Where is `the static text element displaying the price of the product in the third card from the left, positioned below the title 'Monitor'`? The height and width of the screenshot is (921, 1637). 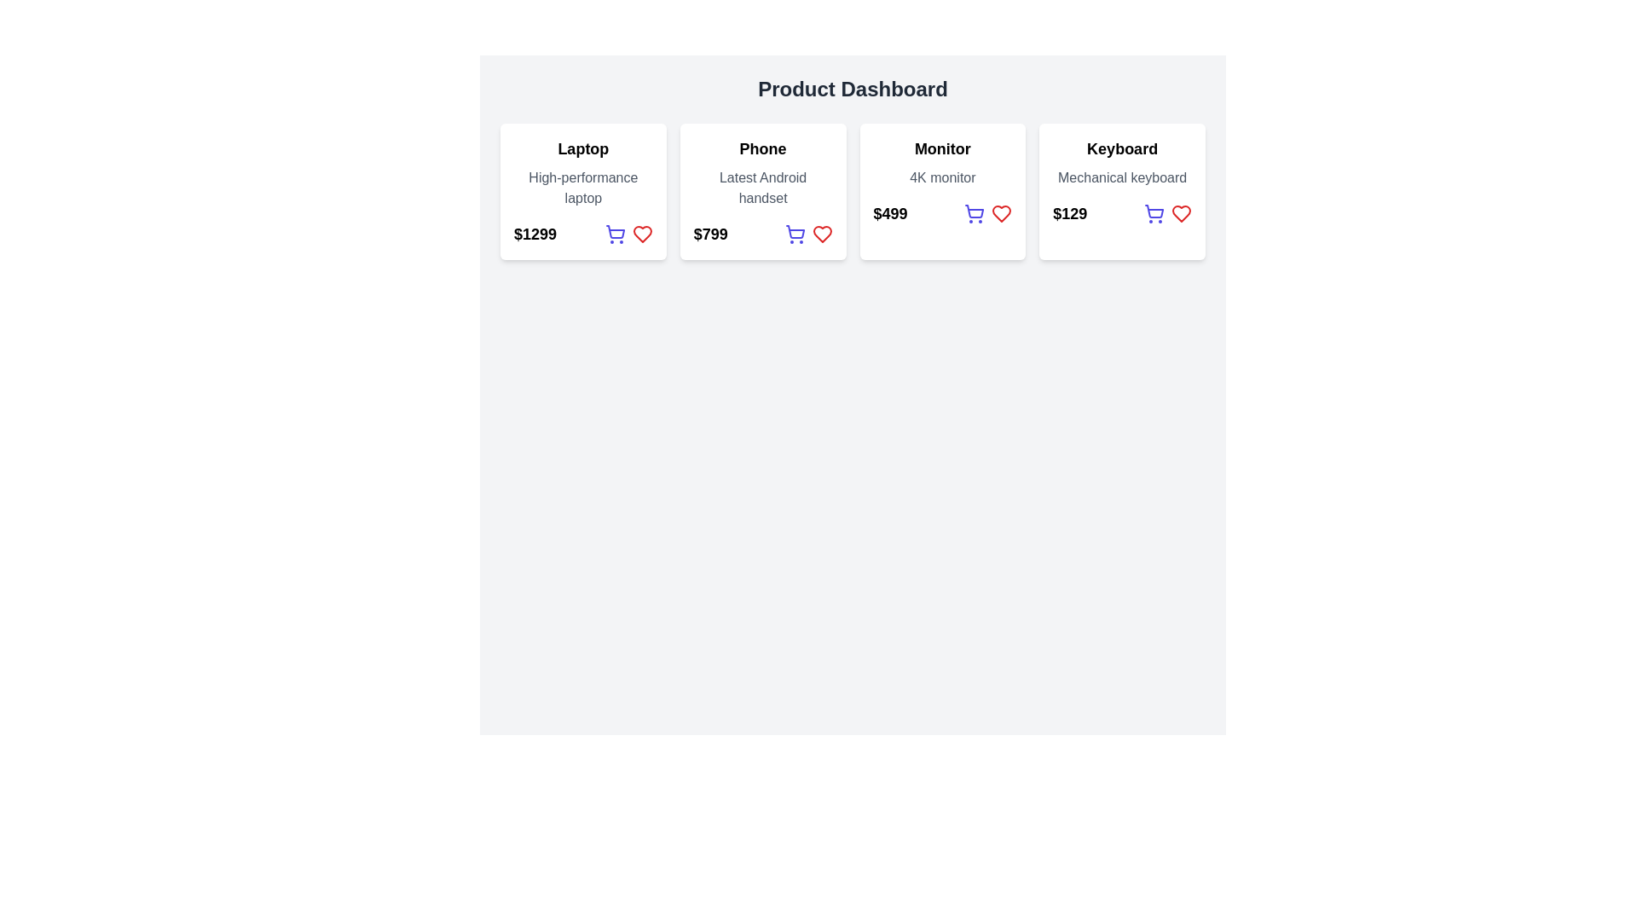
the static text element displaying the price of the product in the third card from the left, positioned below the title 'Monitor' is located at coordinates (889, 212).